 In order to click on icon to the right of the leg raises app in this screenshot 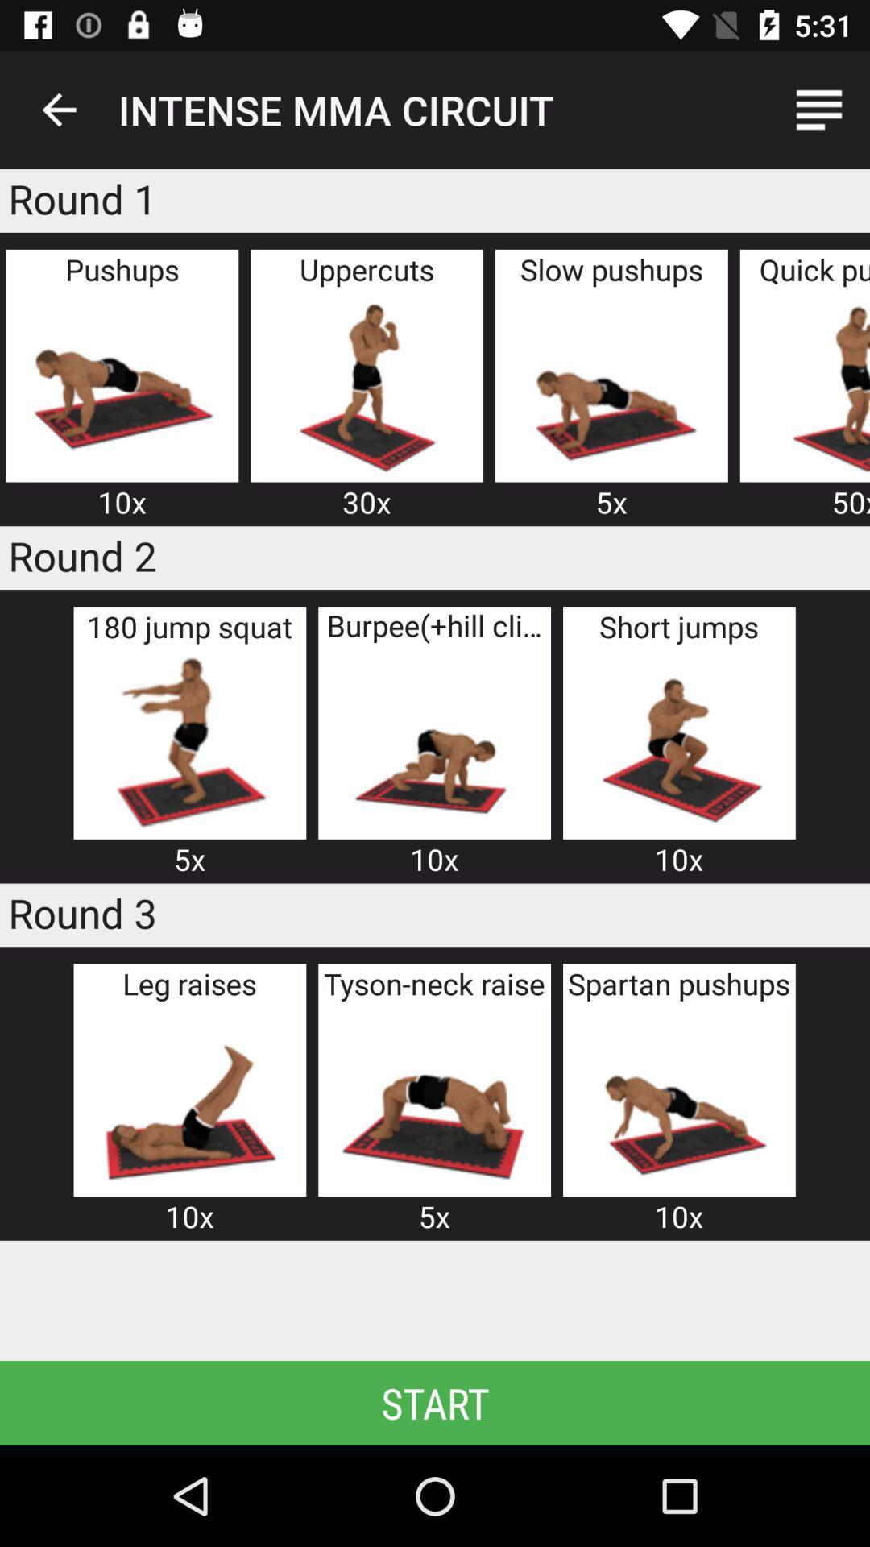, I will do `click(433, 1098)`.